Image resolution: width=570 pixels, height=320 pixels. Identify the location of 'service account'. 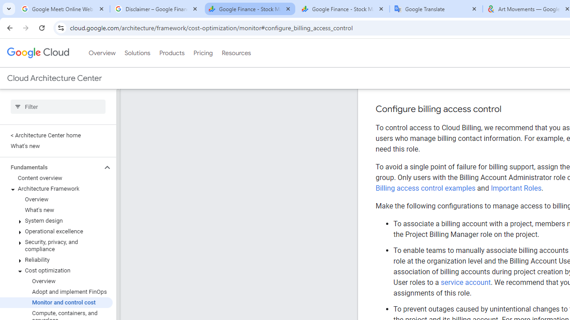
(465, 282).